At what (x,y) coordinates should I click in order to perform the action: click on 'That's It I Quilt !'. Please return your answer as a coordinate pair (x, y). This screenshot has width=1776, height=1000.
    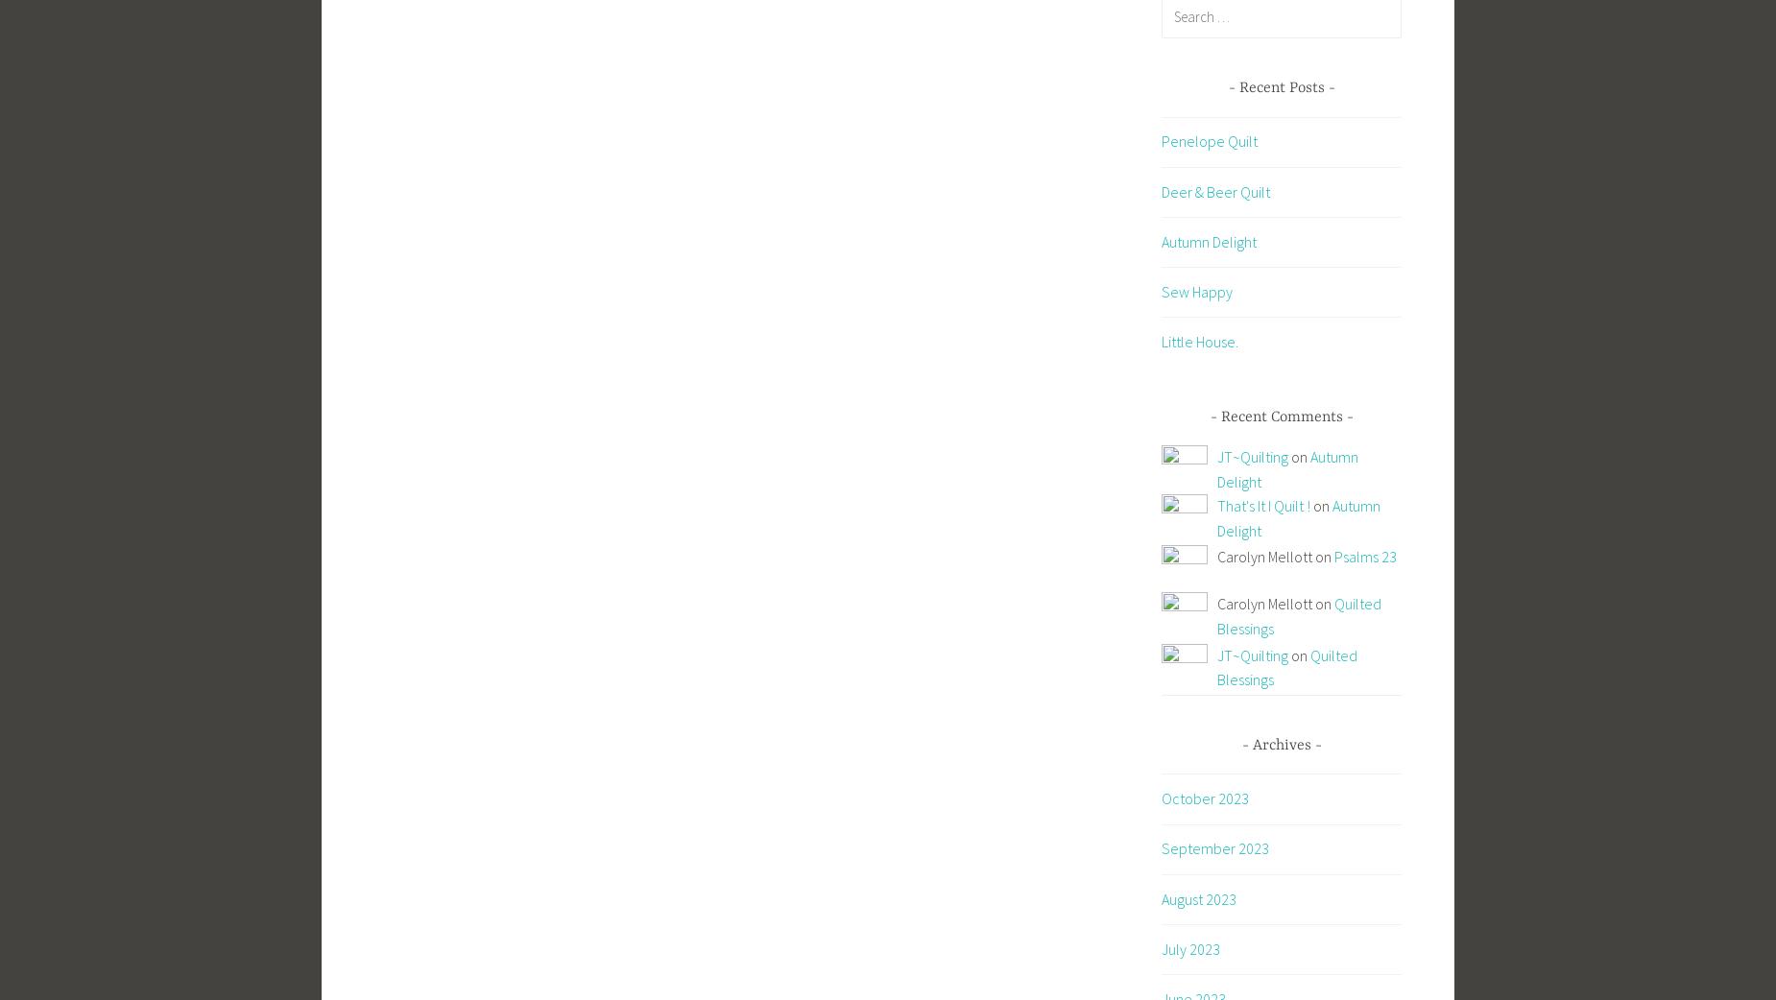
    Looking at the image, I should click on (1262, 505).